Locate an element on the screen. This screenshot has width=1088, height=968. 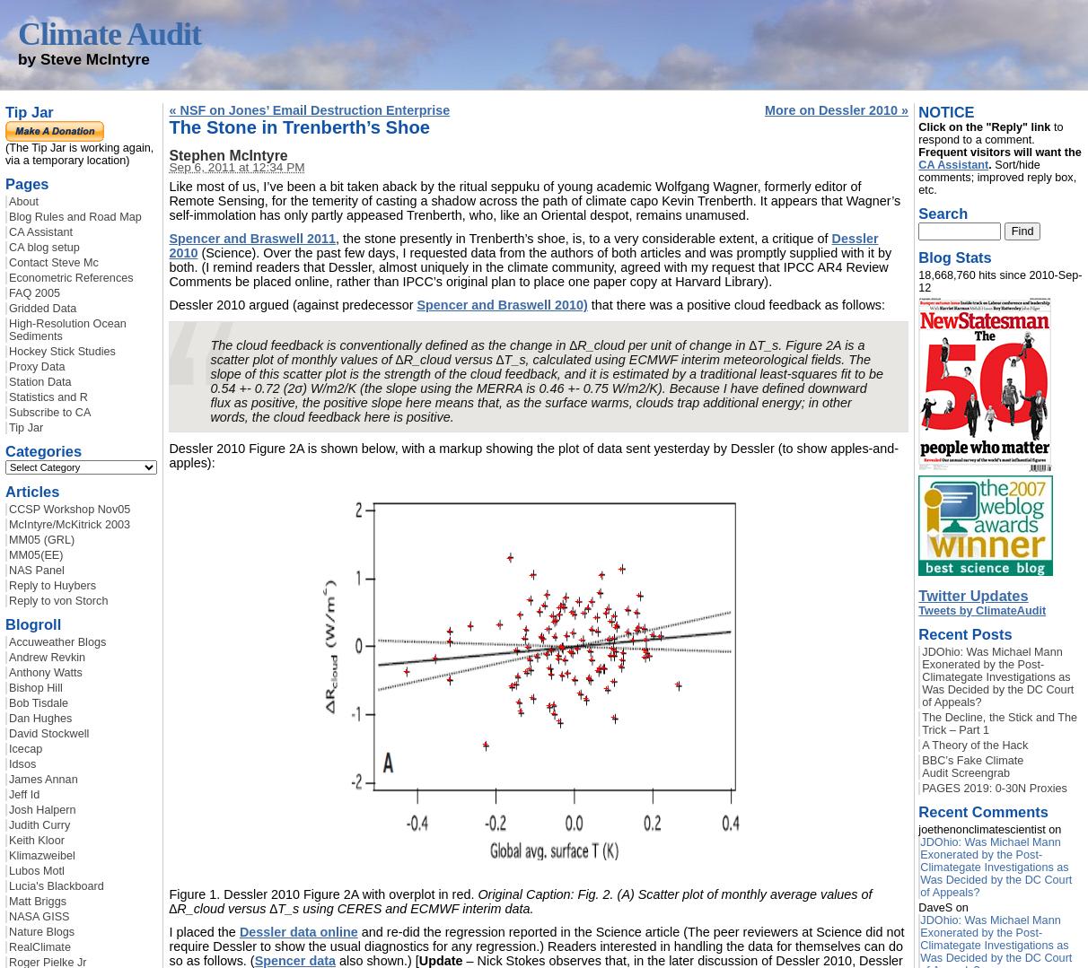
'Click on the "Reply" link' is located at coordinates (983, 126).